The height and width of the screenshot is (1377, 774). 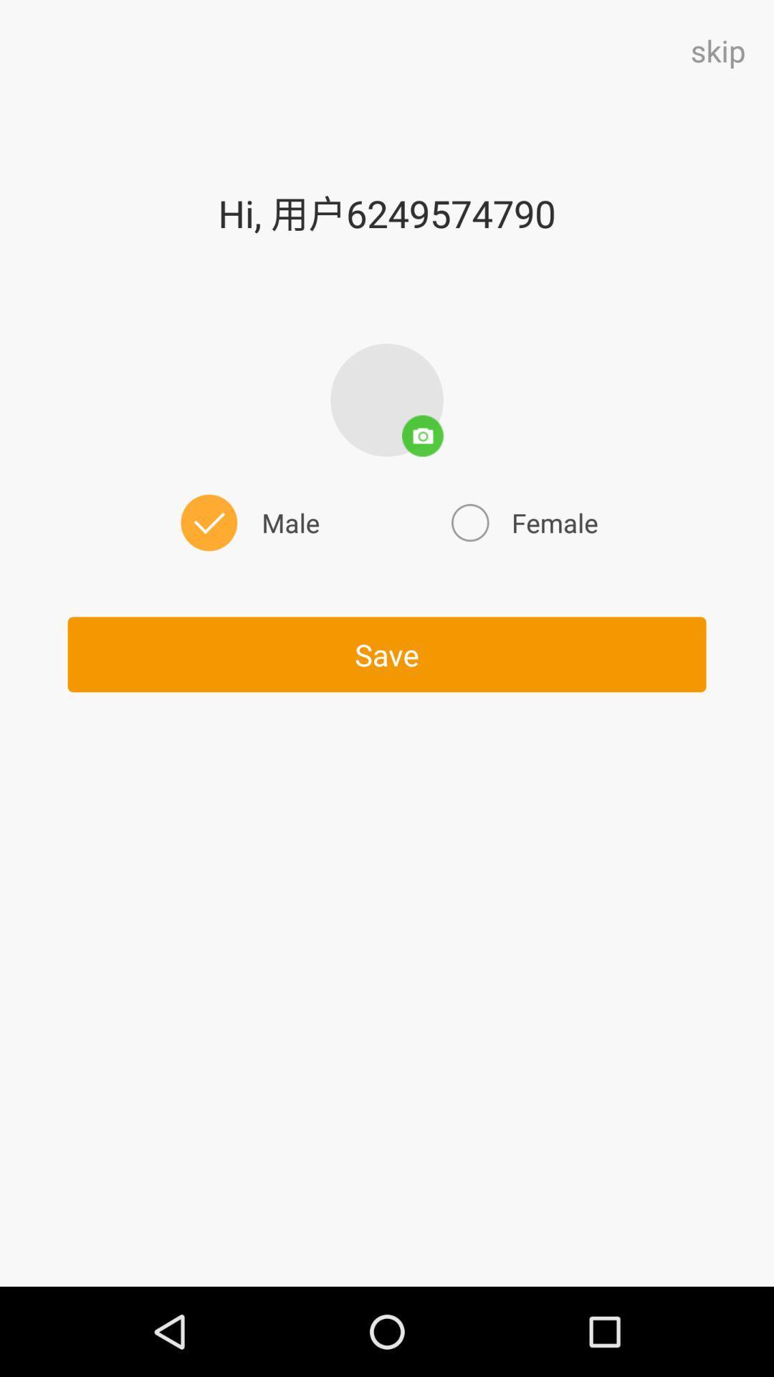 I want to click on male, so click(x=247, y=522).